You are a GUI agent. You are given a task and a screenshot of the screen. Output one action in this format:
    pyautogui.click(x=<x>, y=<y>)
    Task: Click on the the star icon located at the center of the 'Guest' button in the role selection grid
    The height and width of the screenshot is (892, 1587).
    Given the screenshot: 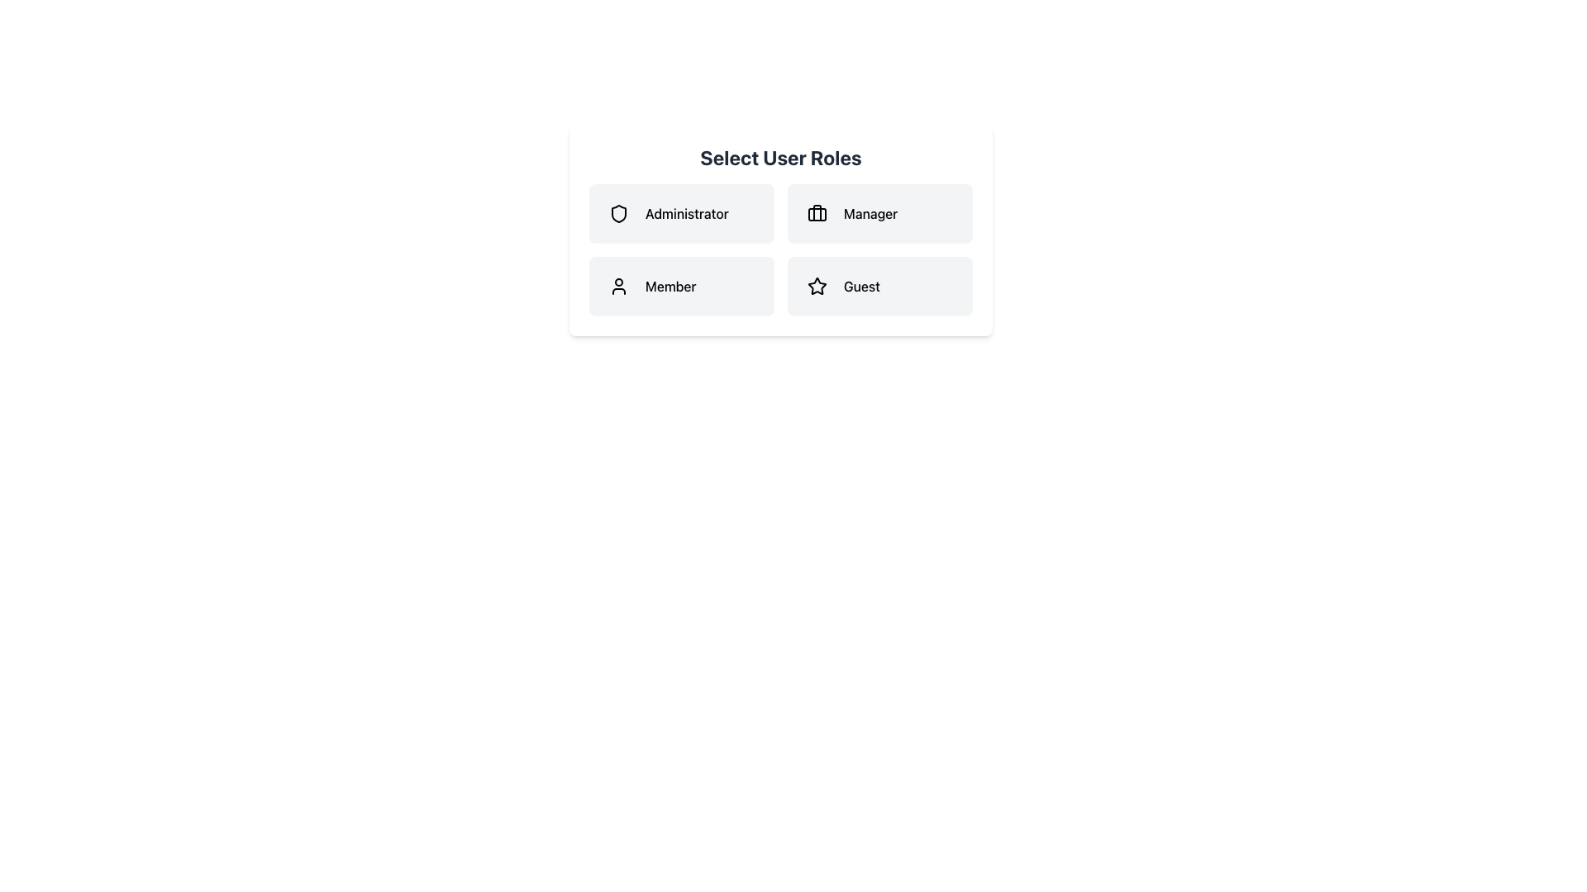 What is the action you would take?
    pyautogui.click(x=817, y=285)
    